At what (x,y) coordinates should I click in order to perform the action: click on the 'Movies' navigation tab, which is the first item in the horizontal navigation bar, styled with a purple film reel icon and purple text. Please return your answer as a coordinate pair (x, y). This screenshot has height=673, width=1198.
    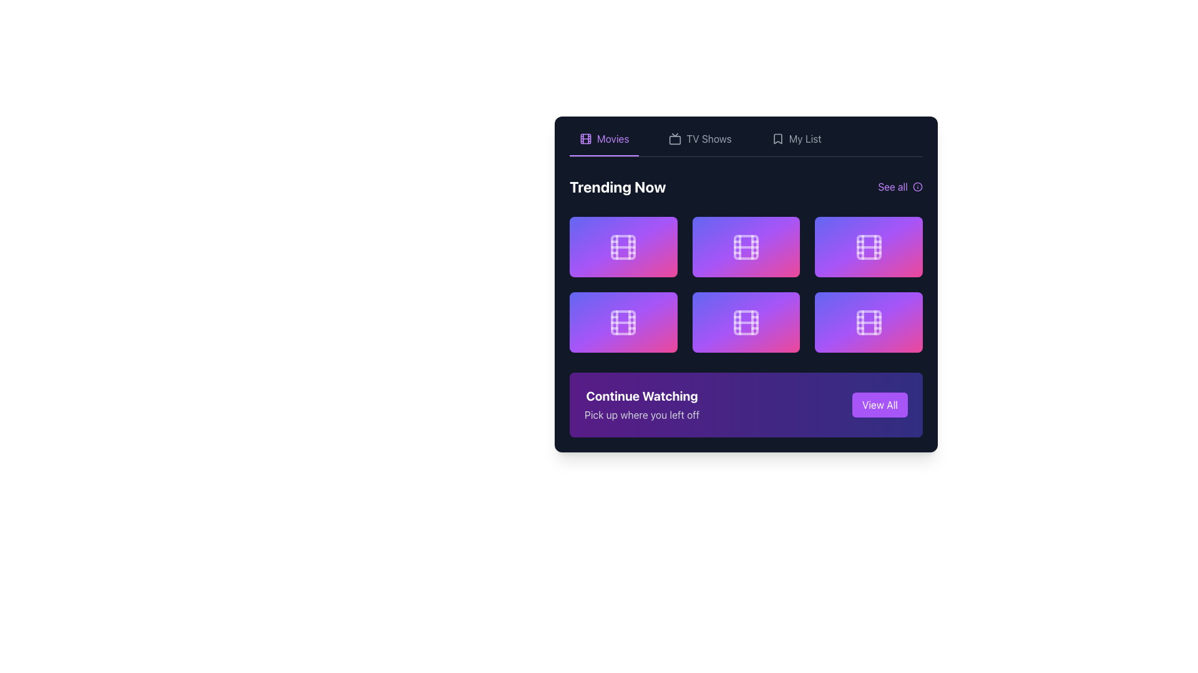
    Looking at the image, I should click on (604, 143).